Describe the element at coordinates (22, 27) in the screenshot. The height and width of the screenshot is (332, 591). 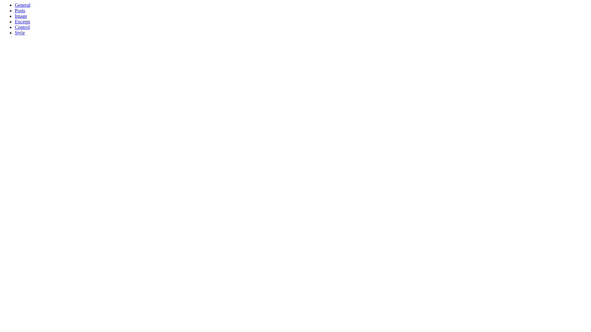
I see `'Control'` at that location.